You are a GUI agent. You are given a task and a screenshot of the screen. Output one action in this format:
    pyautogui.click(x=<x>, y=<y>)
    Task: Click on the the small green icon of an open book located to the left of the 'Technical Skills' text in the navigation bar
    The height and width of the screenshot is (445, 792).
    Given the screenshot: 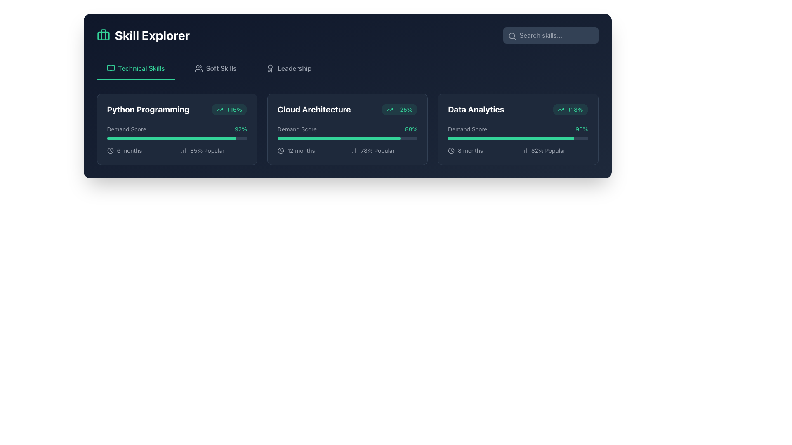 What is the action you would take?
    pyautogui.click(x=110, y=68)
    